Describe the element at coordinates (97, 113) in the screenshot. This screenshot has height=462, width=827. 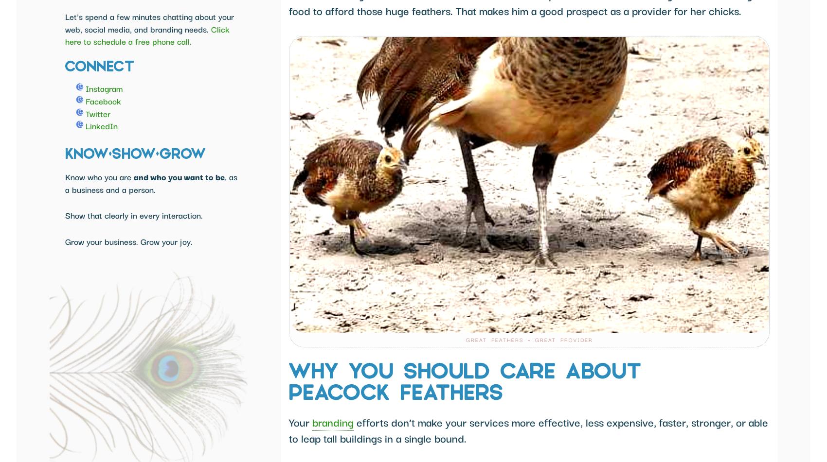
I see `'Twitter'` at that location.